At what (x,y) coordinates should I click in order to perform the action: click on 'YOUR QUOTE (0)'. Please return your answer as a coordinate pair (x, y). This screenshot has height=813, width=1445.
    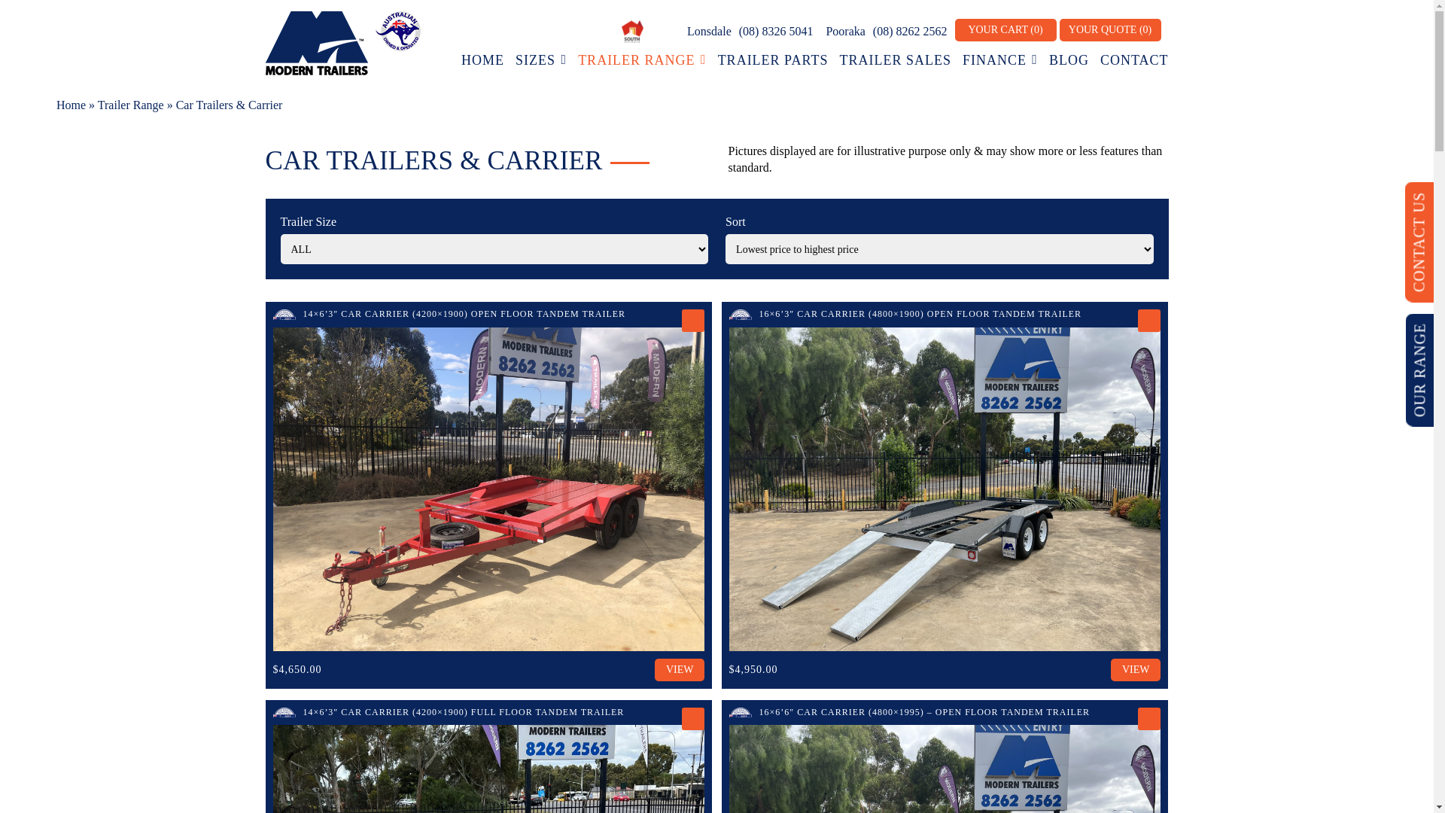
    Looking at the image, I should click on (1110, 29).